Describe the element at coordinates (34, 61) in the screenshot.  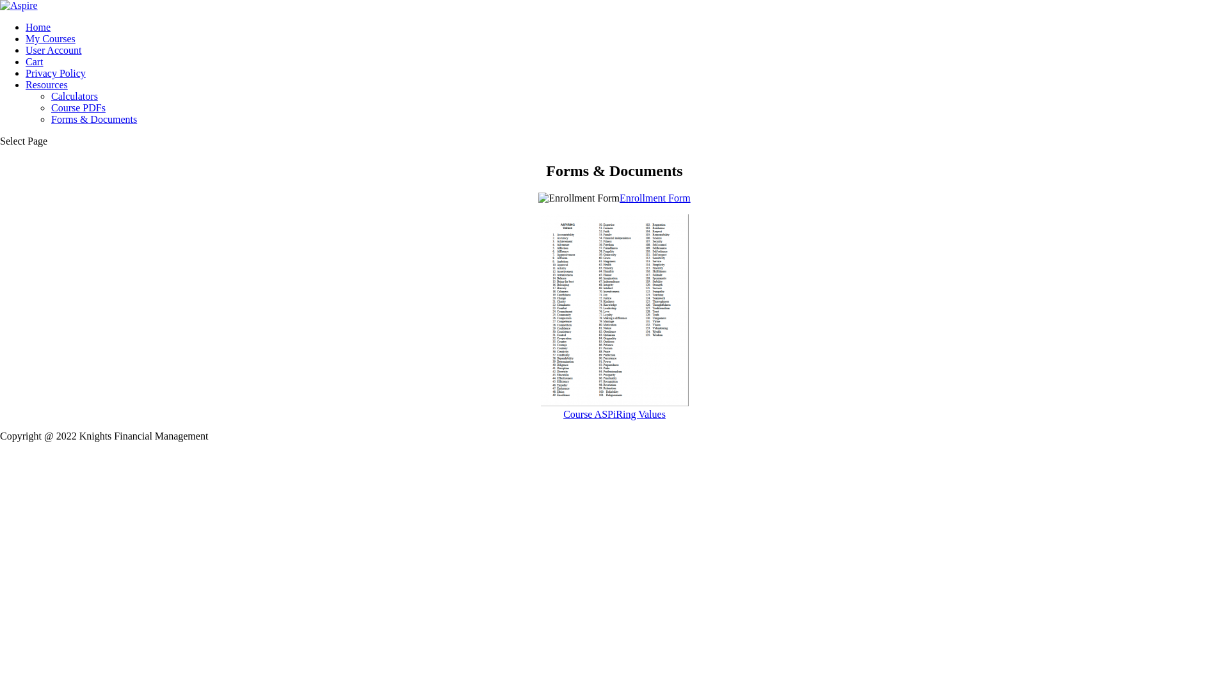
I see `'Cart'` at that location.